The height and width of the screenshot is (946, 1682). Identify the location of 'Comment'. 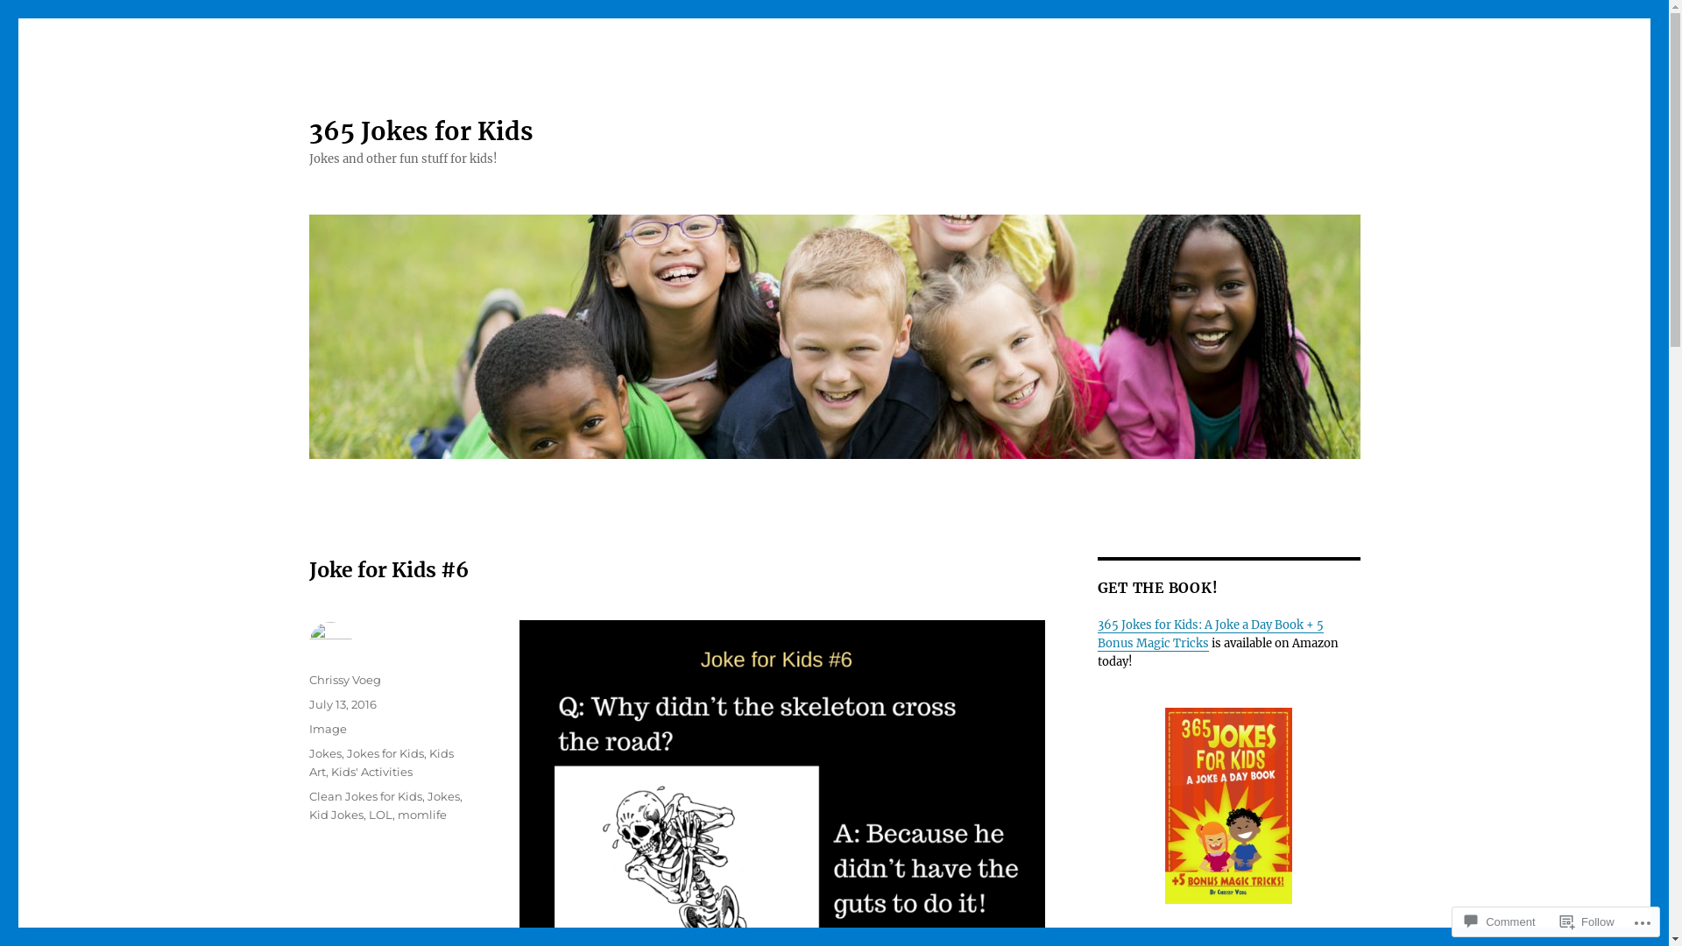
(1499, 921).